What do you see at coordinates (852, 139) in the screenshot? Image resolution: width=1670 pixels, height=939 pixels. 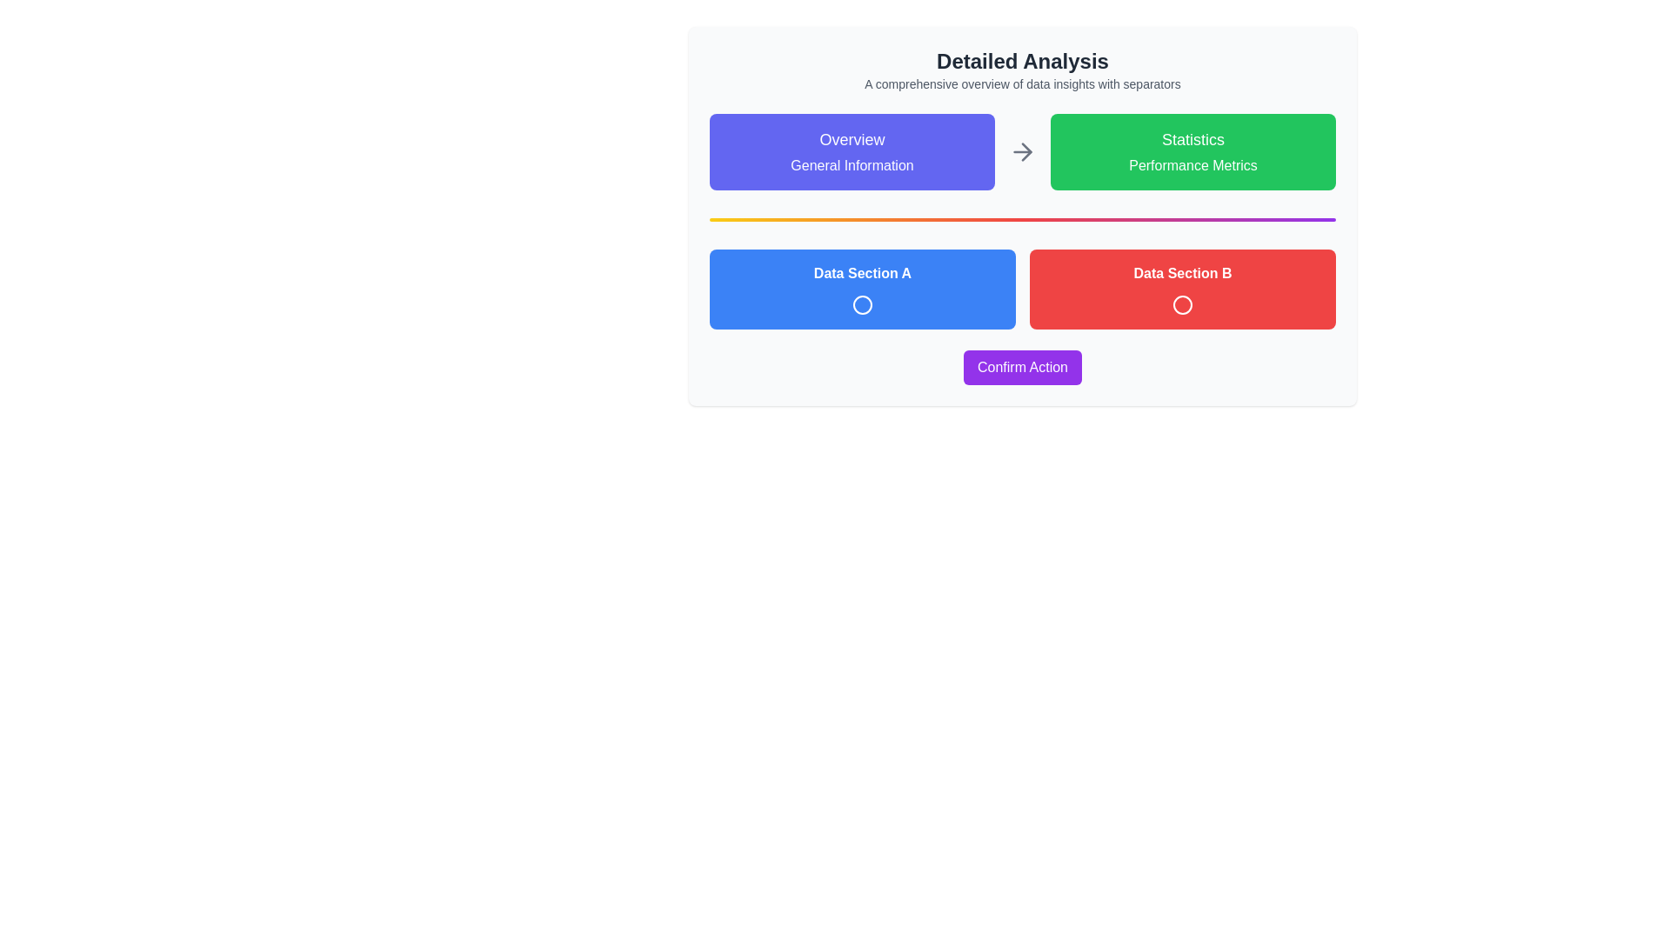 I see `the text label that describes the section, which contains the text 'Overview' at the top and 'General Information' below, located in the leftmost box of two adjacent boxes near the top-left of the interface` at bounding box center [852, 139].